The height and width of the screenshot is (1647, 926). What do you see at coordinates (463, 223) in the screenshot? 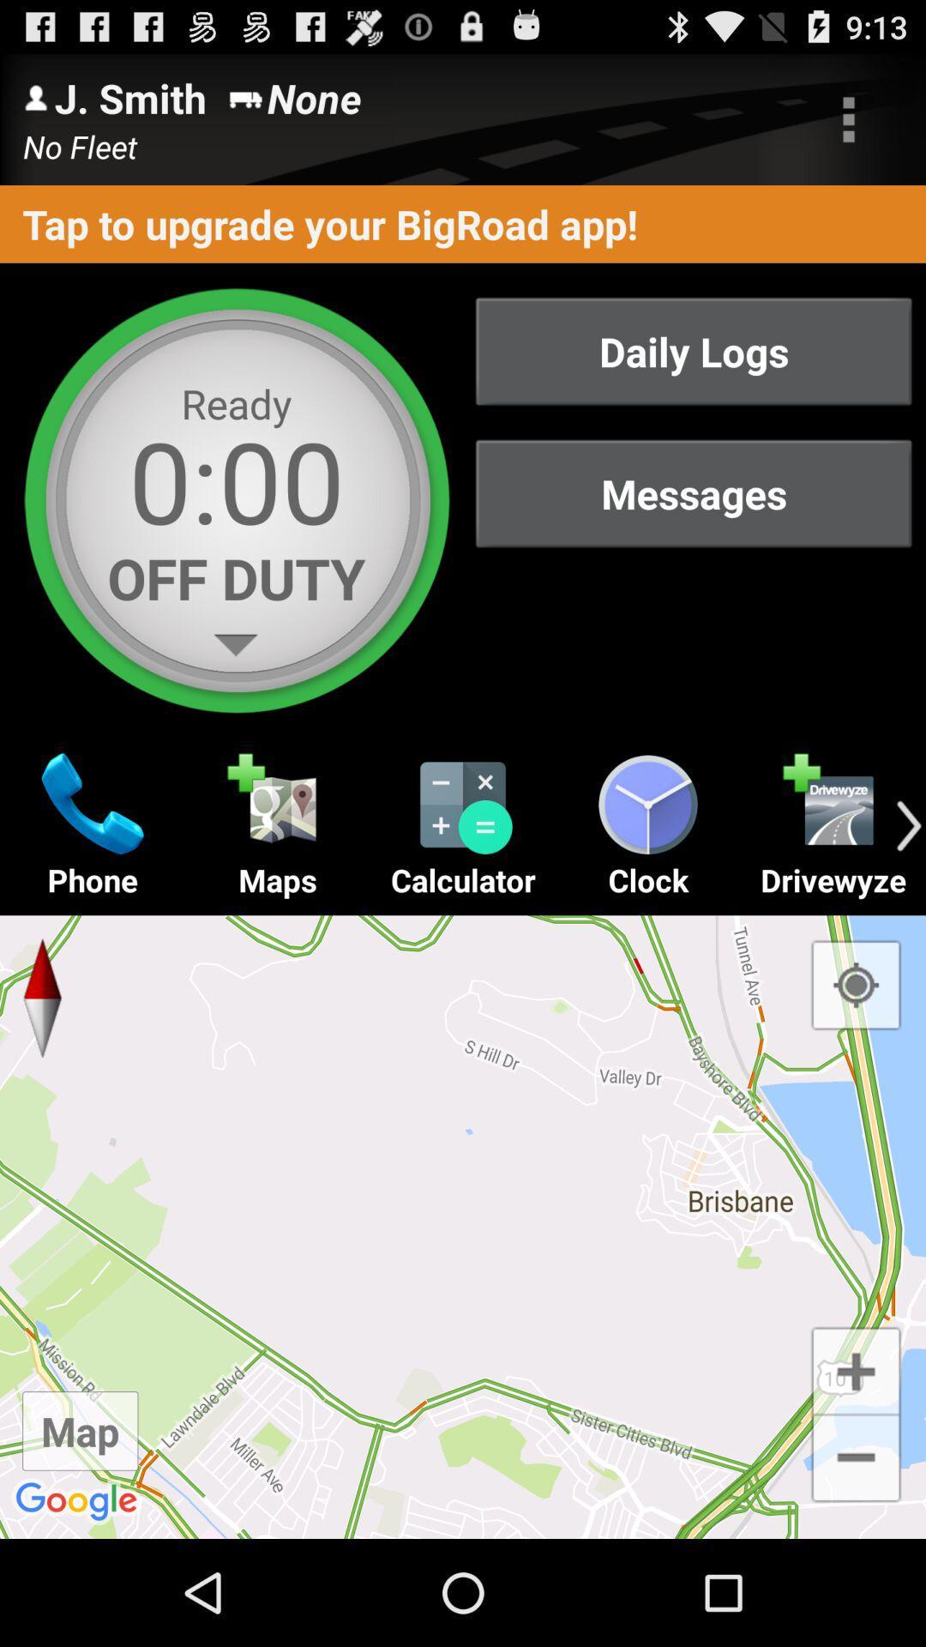
I see `the tap to upgrade item` at bounding box center [463, 223].